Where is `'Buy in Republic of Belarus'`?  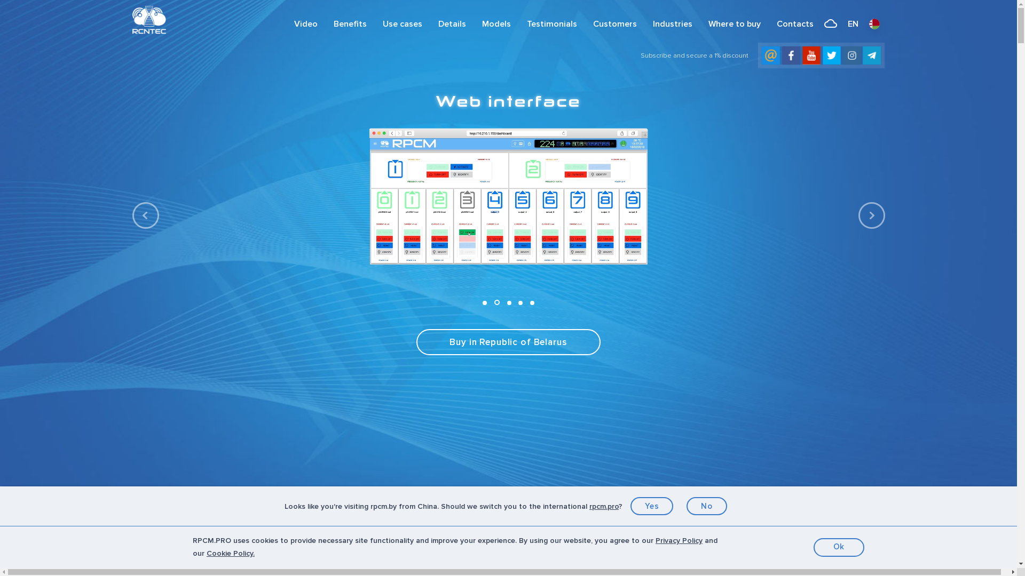 'Buy in Republic of Belarus' is located at coordinates (507, 342).